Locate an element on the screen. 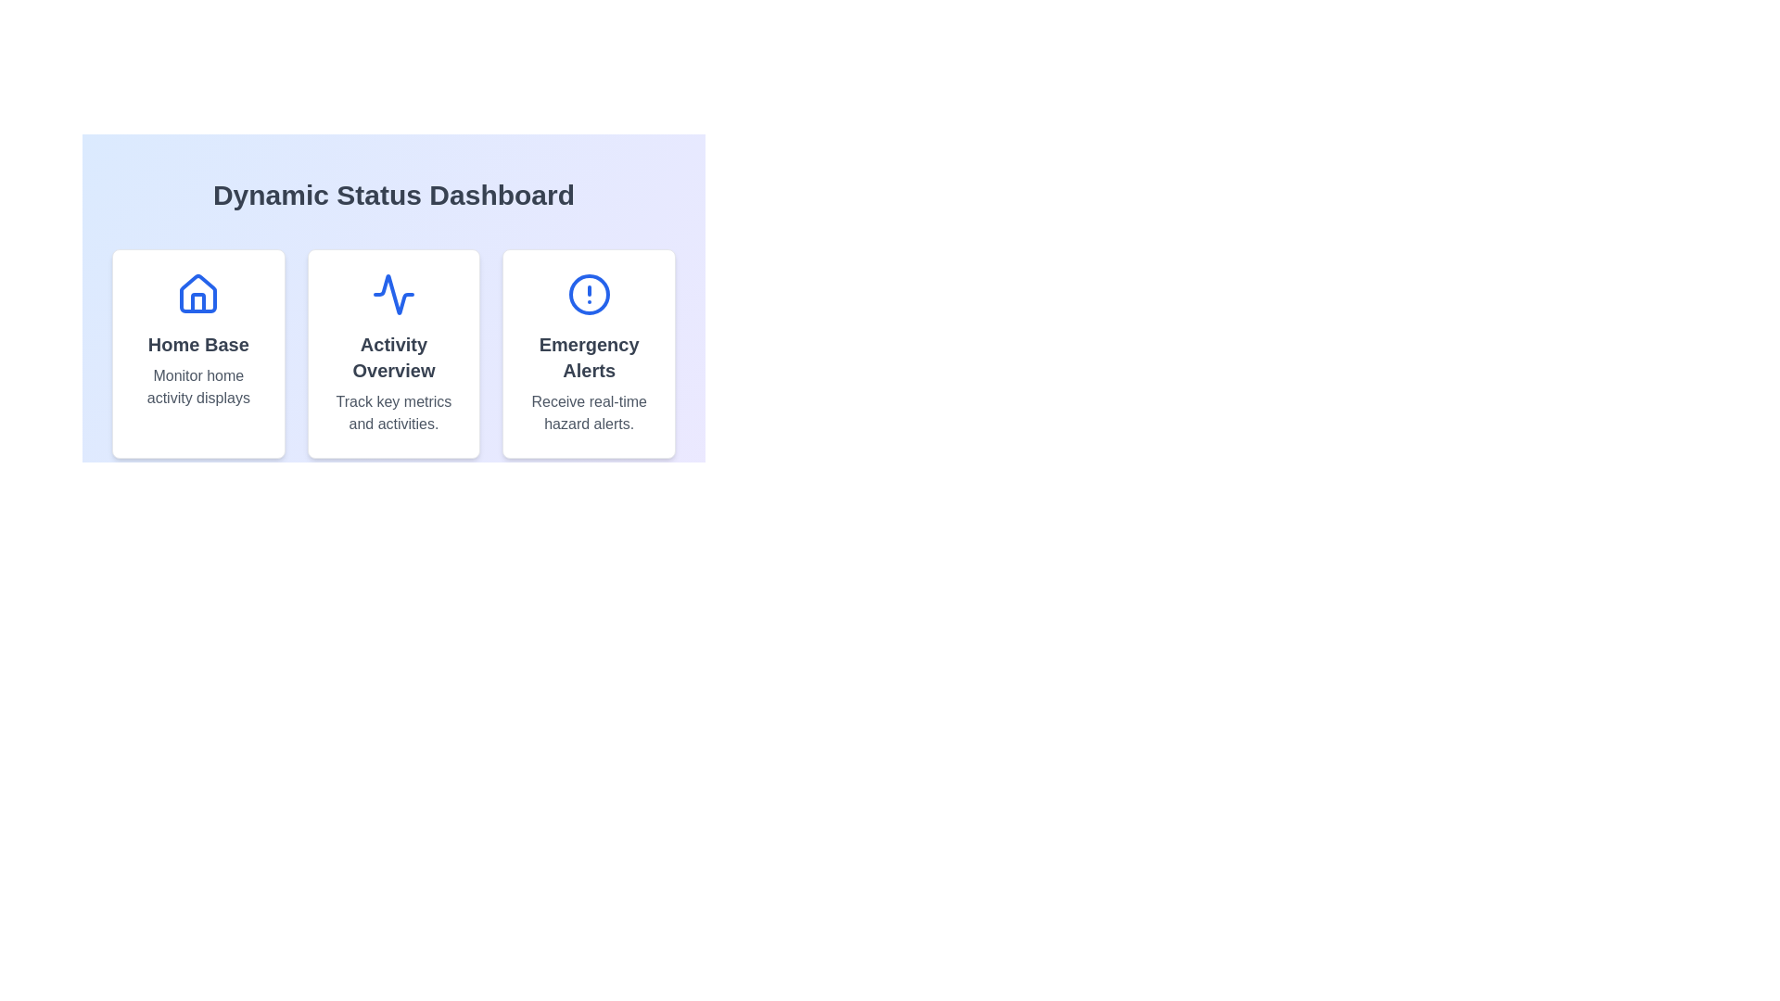  the 'Activity Overview' icon, which is the first graphical element within its card, positioned at the top section above the textual content is located at coordinates (392, 293).